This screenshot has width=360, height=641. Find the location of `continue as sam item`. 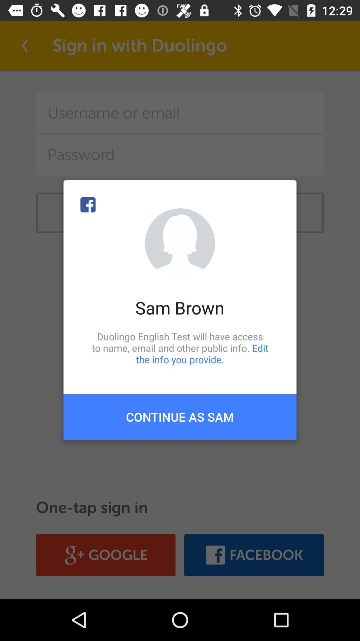

continue as sam item is located at coordinates (180, 416).